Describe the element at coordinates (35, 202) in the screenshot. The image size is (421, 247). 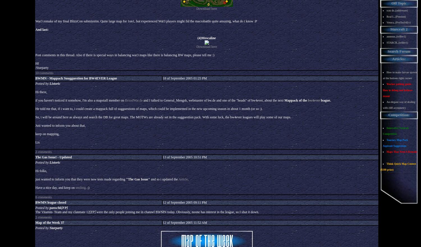
I see `'BWMN league closed'` at that location.